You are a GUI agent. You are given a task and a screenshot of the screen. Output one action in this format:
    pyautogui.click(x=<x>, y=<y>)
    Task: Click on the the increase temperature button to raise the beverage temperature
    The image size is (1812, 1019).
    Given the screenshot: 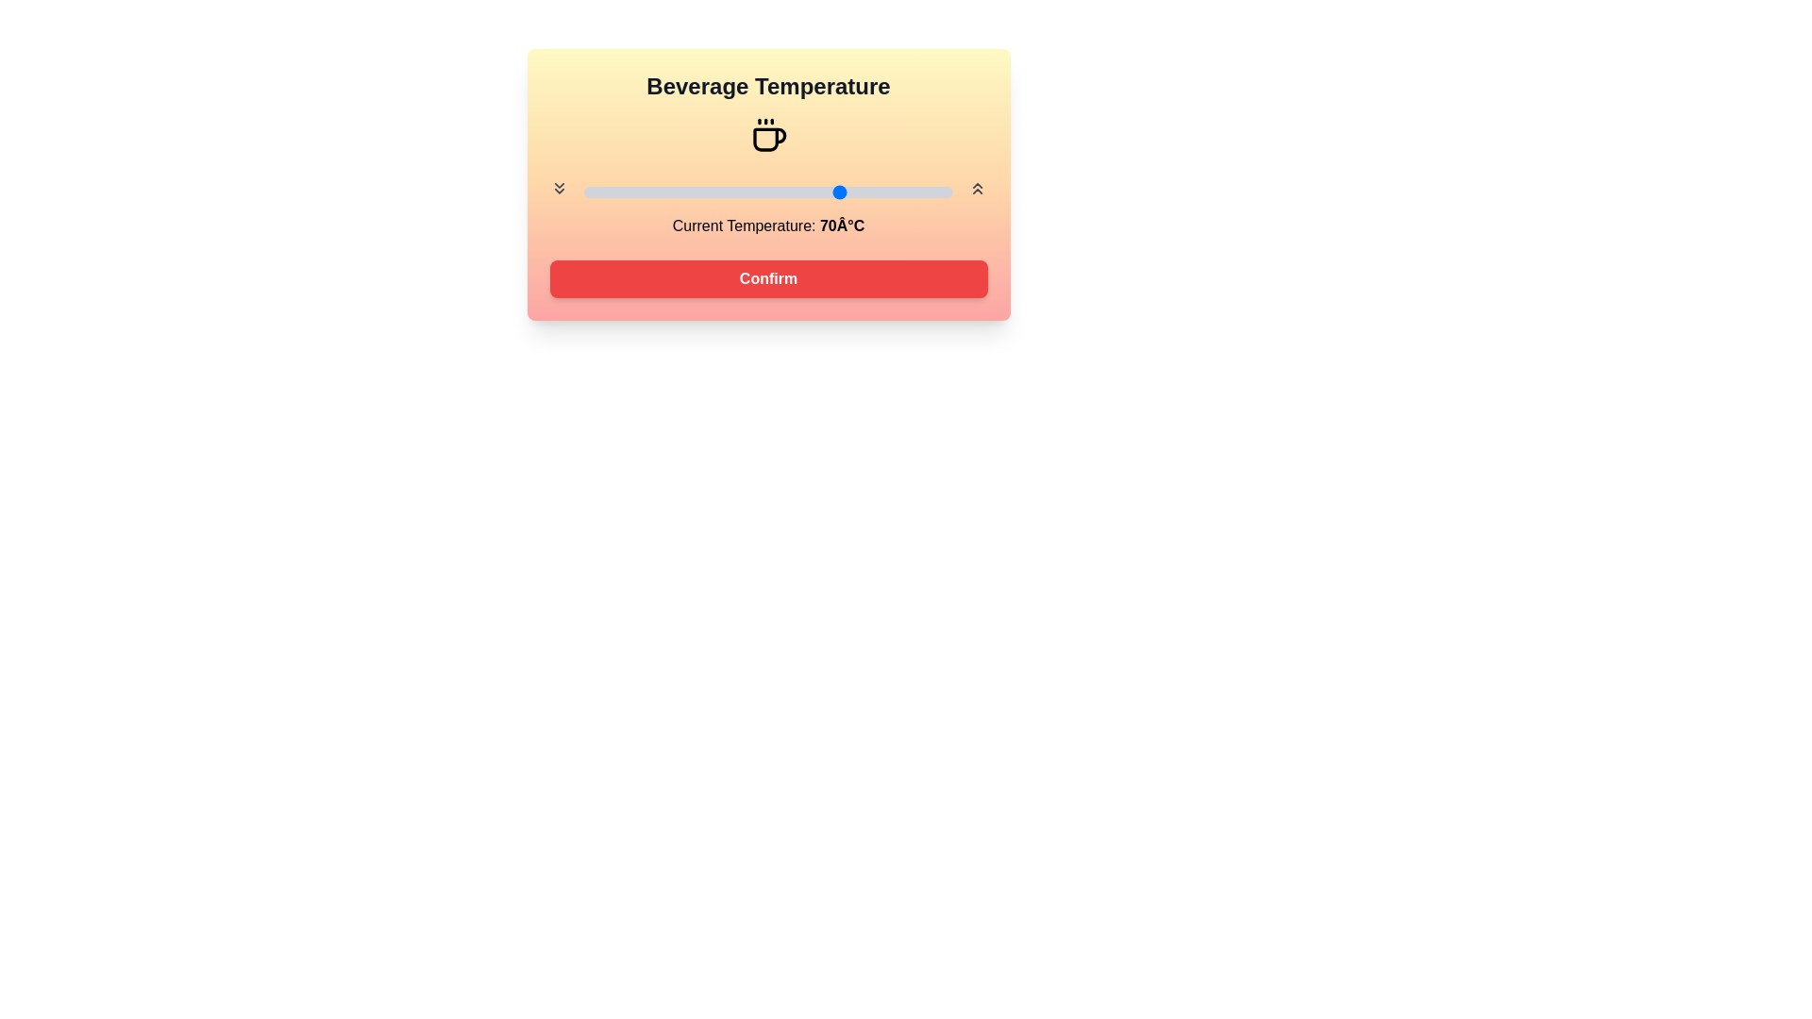 What is the action you would take?
    pyautogui.click(x=978, y=189)
    